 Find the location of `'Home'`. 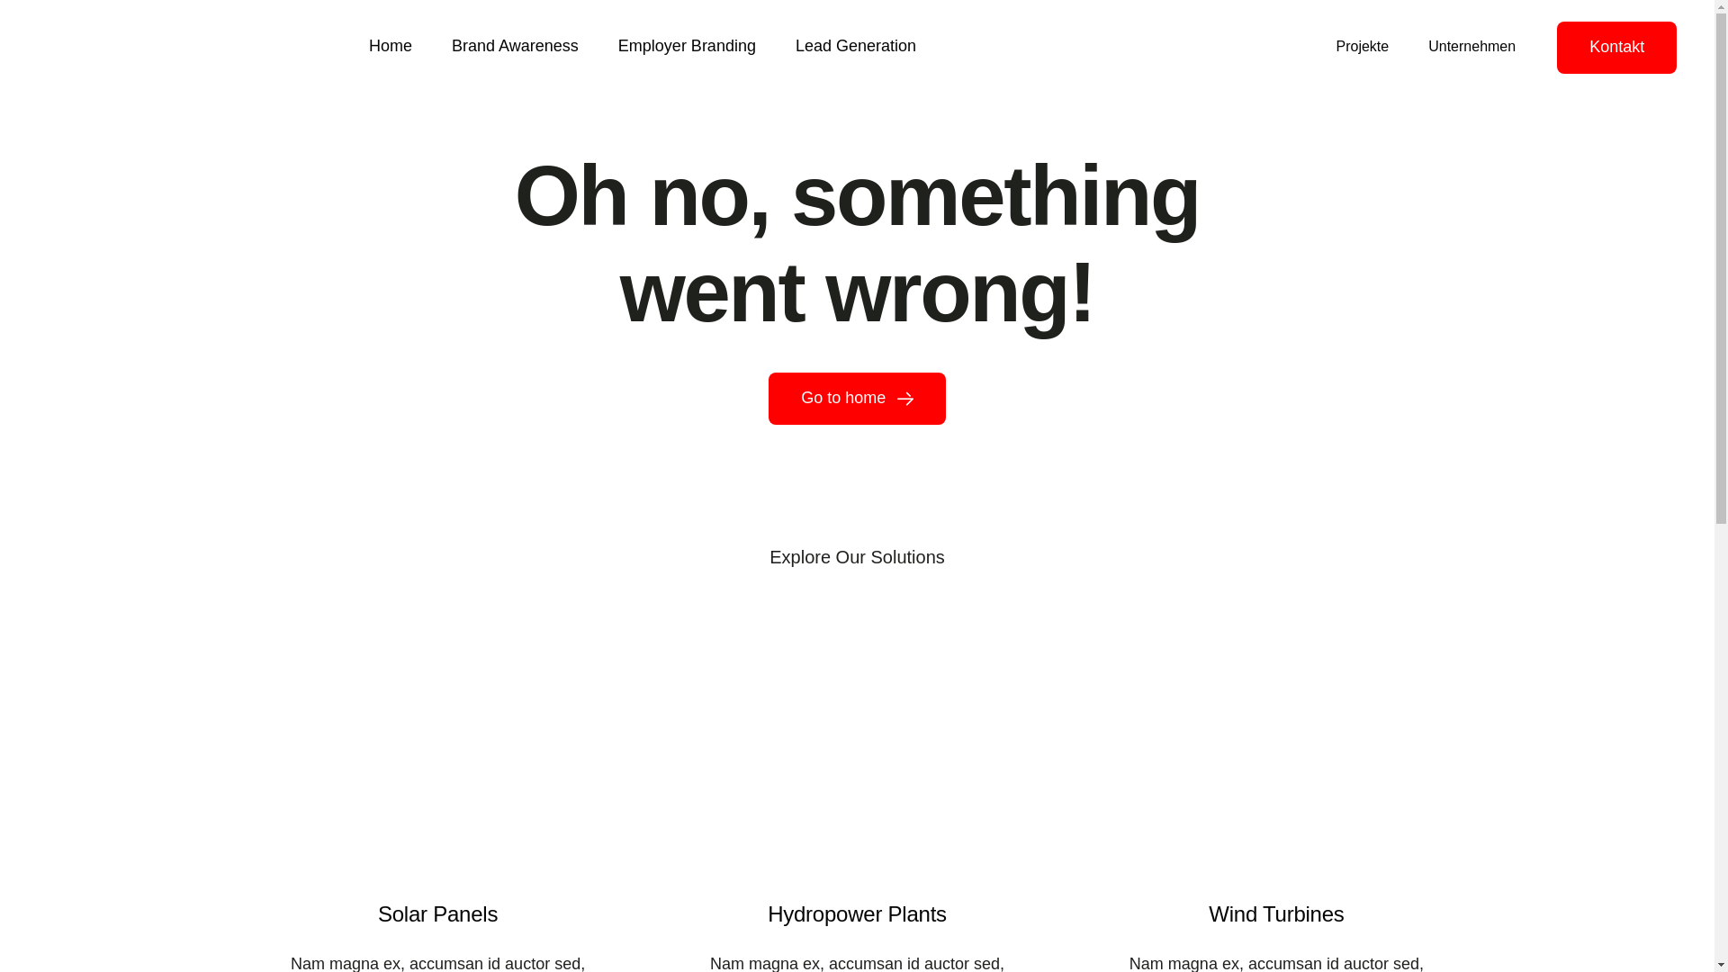

'Home' is located at coordinates (389, 47).